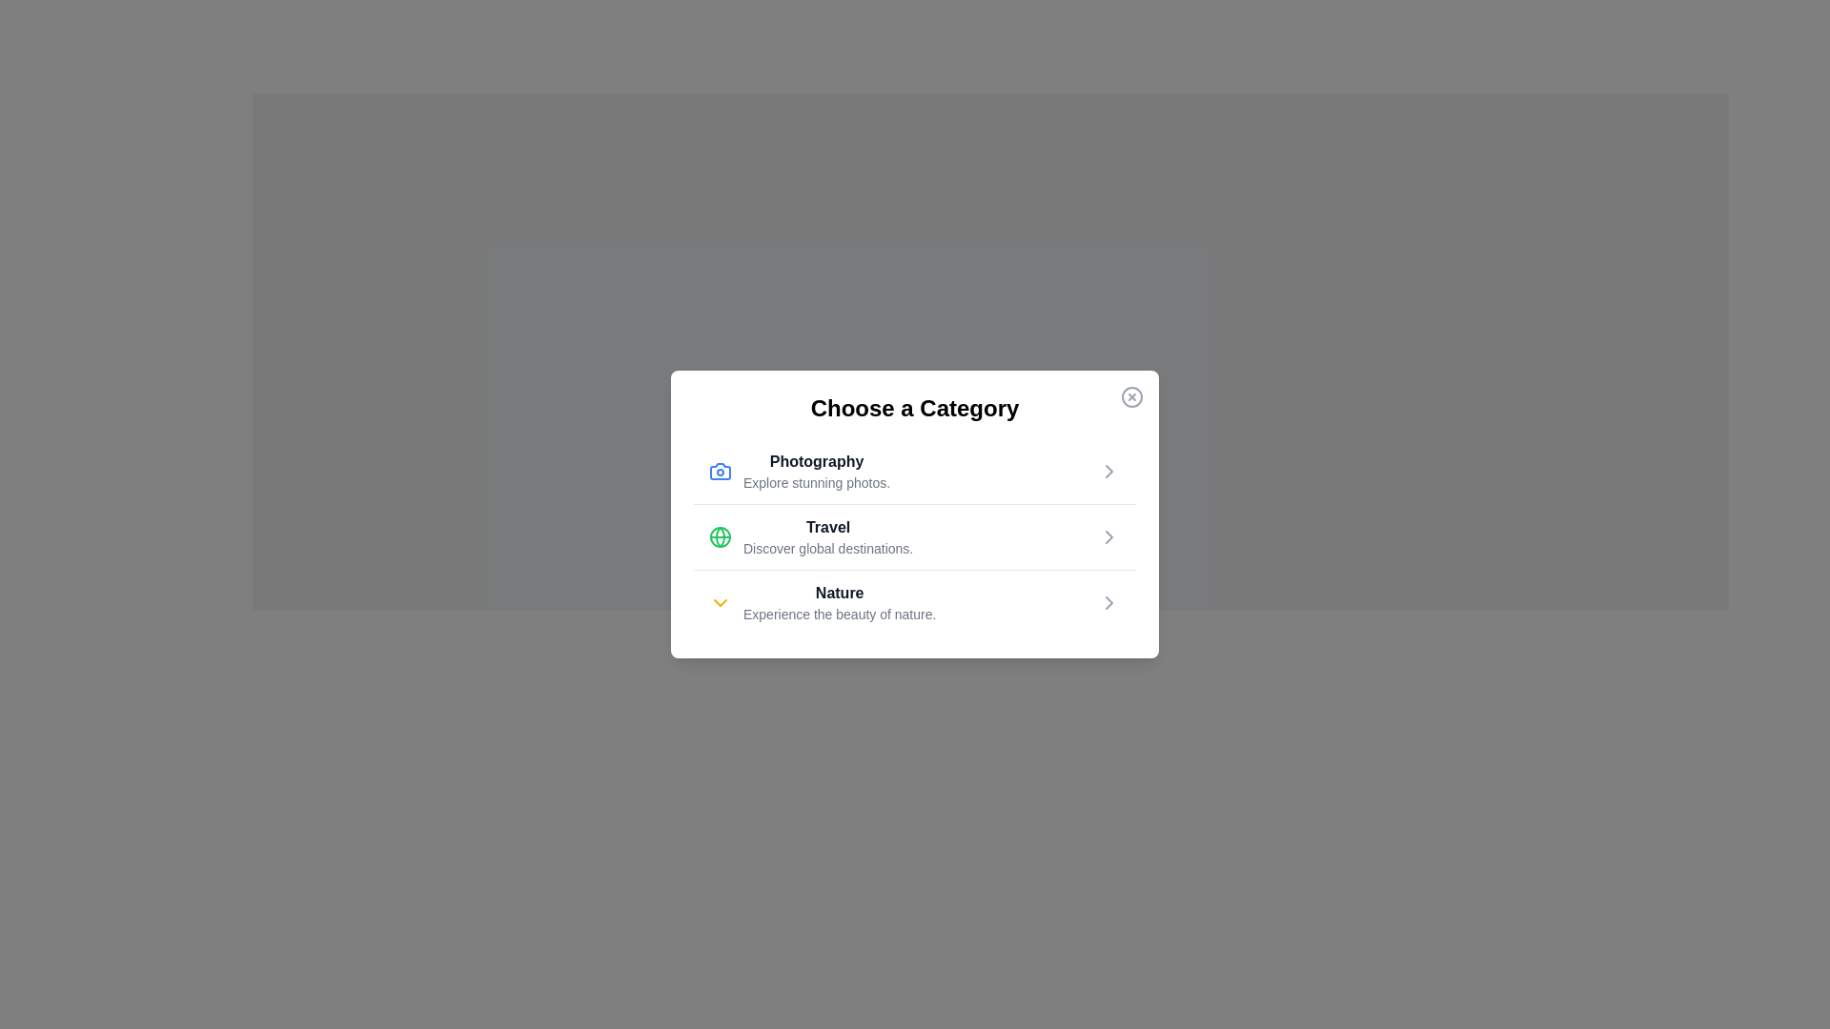 The image size is (1830, 1029). What do you see at coordinates (828, 548) in the screenshot?
I see `the text label providing descriptive information for the 'Travel' category, located in a centered modal beneath the 'Travel' label` at bounding box center [828, 548].